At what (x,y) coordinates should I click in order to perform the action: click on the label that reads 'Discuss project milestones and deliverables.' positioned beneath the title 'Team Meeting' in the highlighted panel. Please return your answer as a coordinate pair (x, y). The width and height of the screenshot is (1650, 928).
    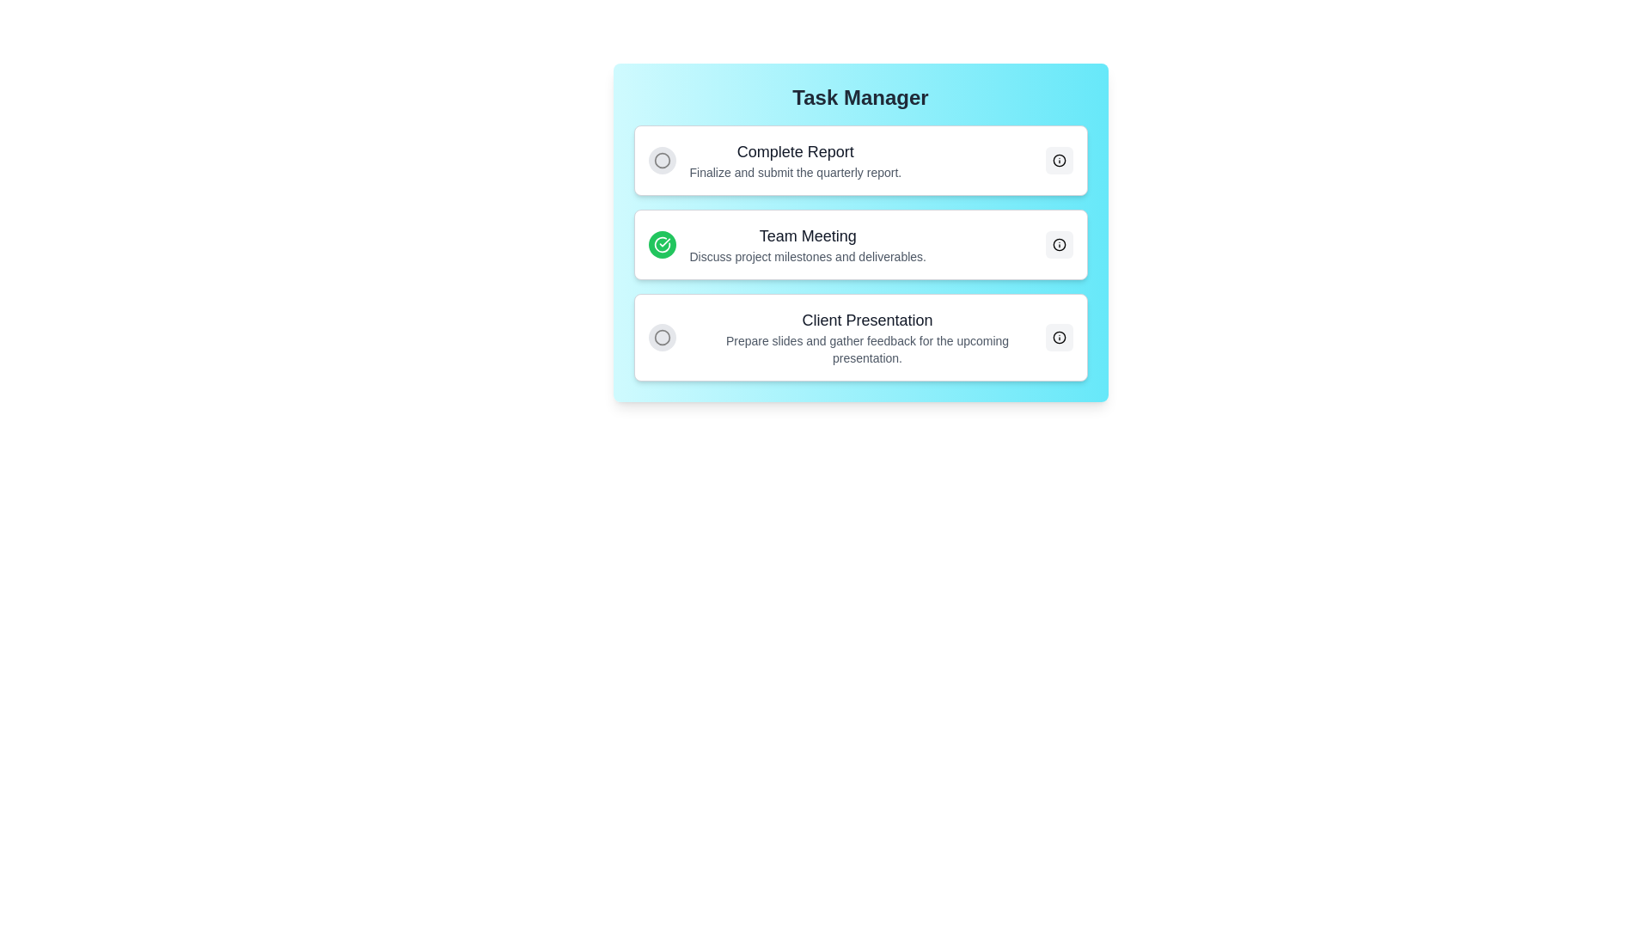
    Looking at the image, I should click on (807, 257).